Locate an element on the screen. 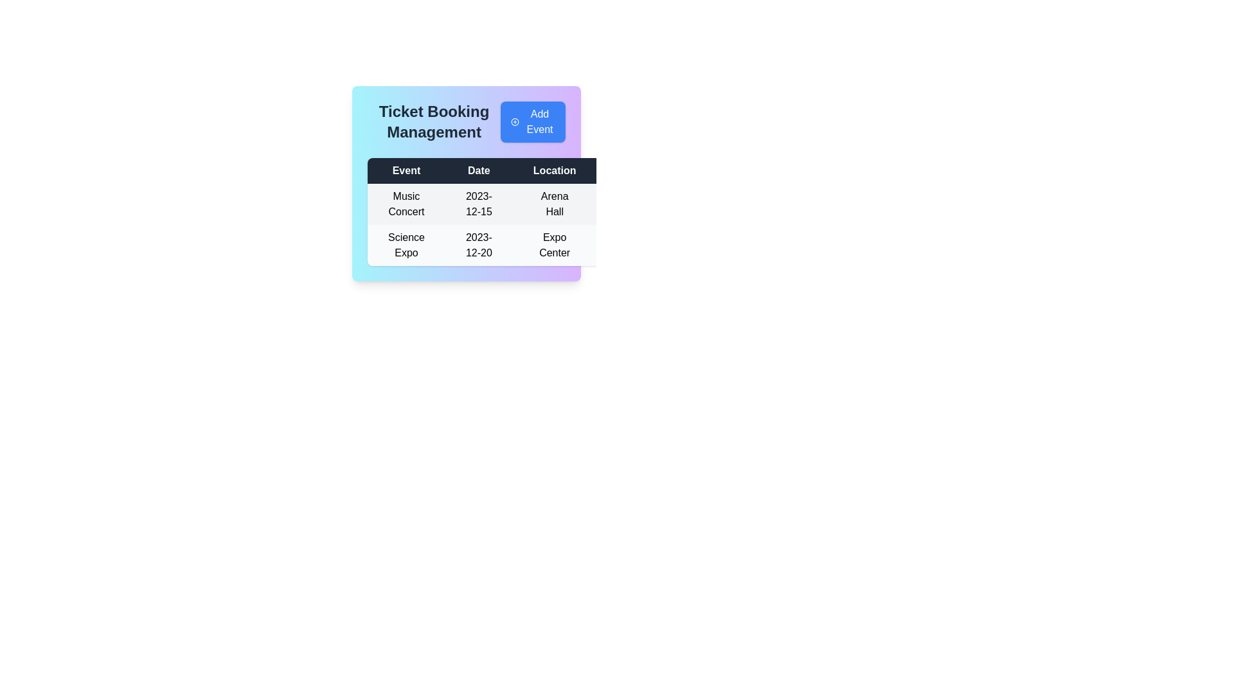  the 'Date' text label, which serves as a header indicating the dates associated with events, located between 'Event' and 'Location' is located at coordinates (478, 170).